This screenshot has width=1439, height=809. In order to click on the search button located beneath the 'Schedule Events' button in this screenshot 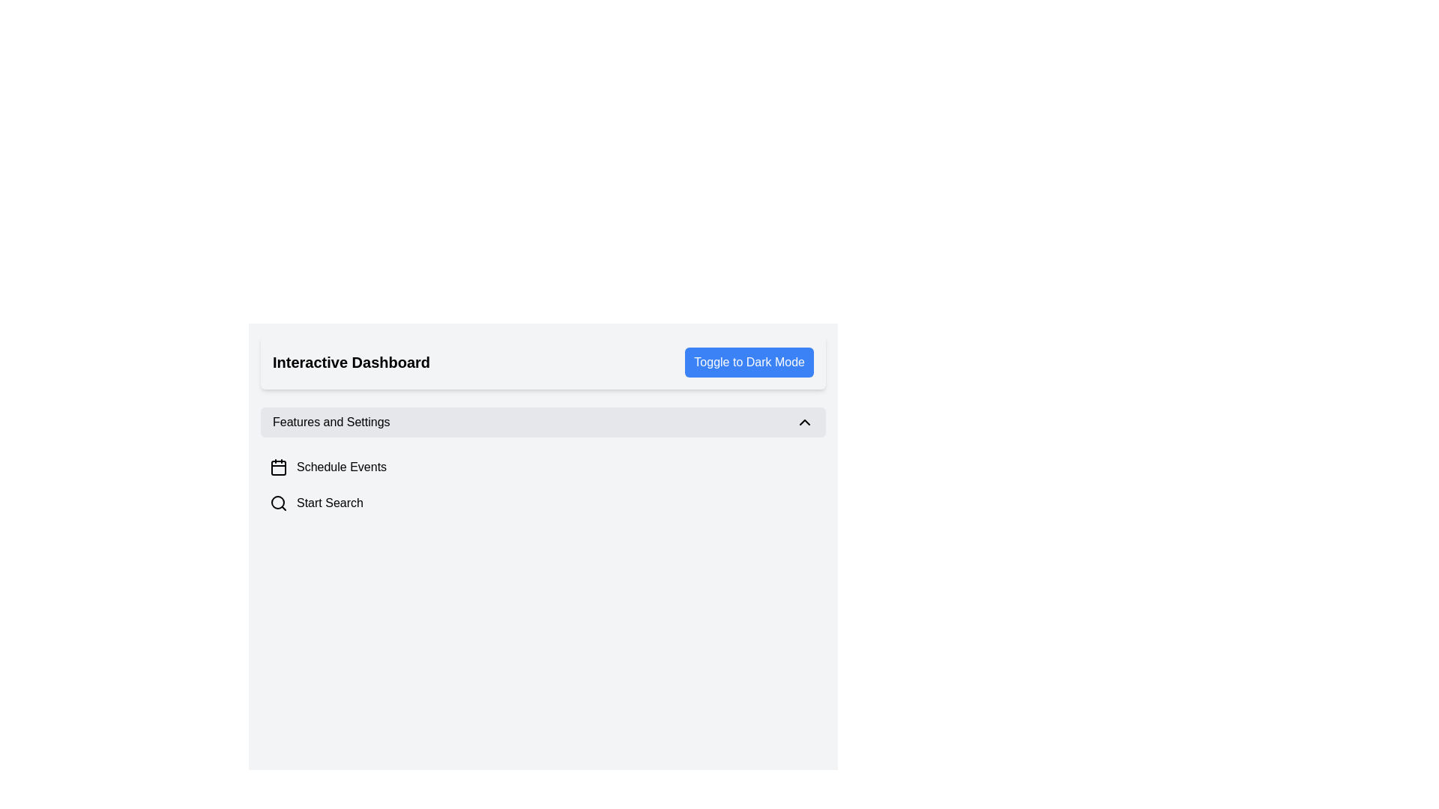, I will do `click(542, 503)`.